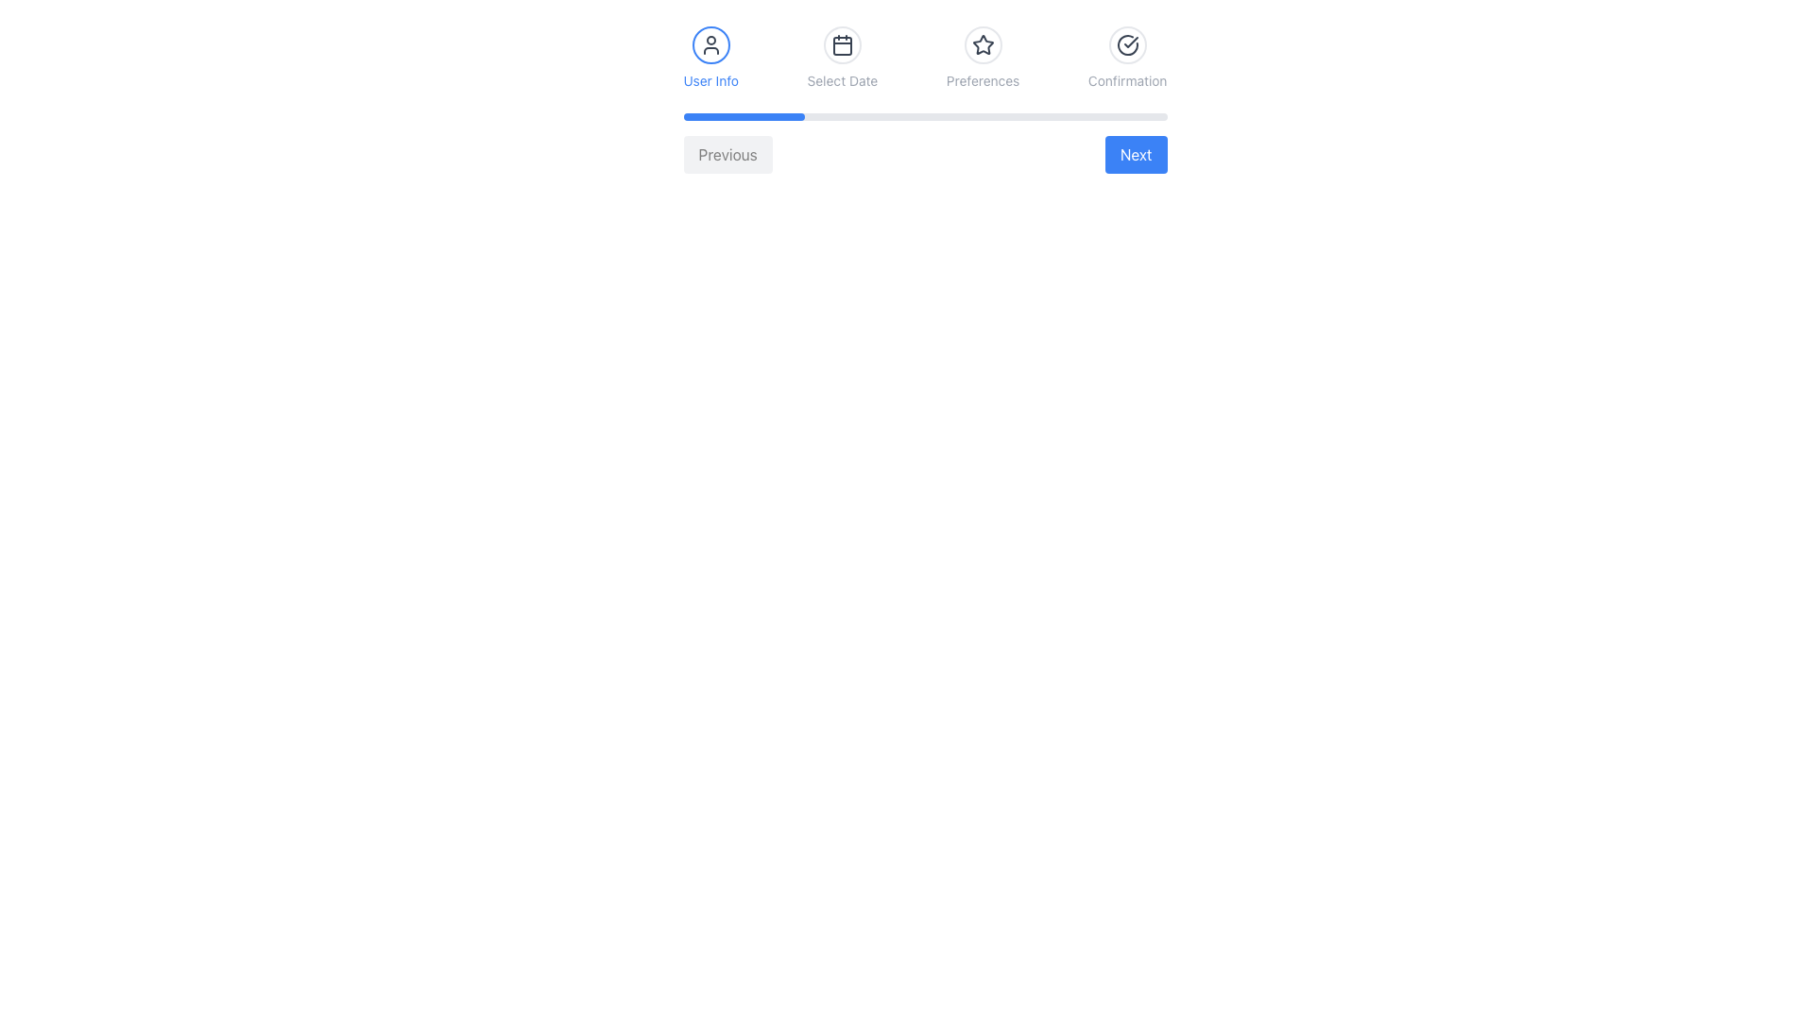 The width and height of the screenshot is (1814, 1020). Describe the element at coordinates (925, 116) in the screenshot. I see `the Progress Bar located centrally below the navigation bar and above the Previous and Next buttons, which indicates the user's progress in a multistep process` at that location.